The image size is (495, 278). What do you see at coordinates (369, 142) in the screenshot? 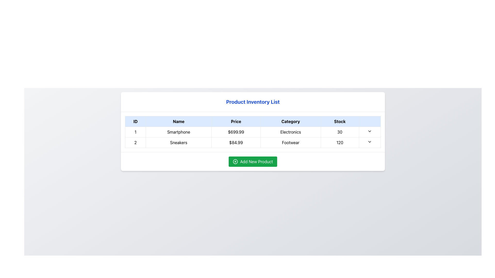
I see `the small downward-facing arrow icon in the 'Stock' column of the second row in the product inventory table` at bounding box center [369, 142].